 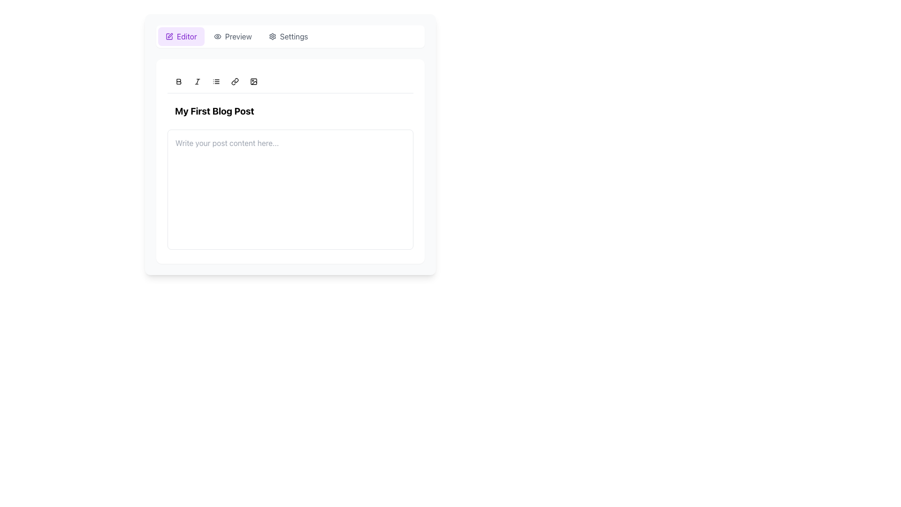 What do you see at coordinates (235, 81) in the screenshot?
I see `the 'Link' icon button located in the third slot of the horizontal toolbar above the blog post editor` at bounding box center [235, 81].